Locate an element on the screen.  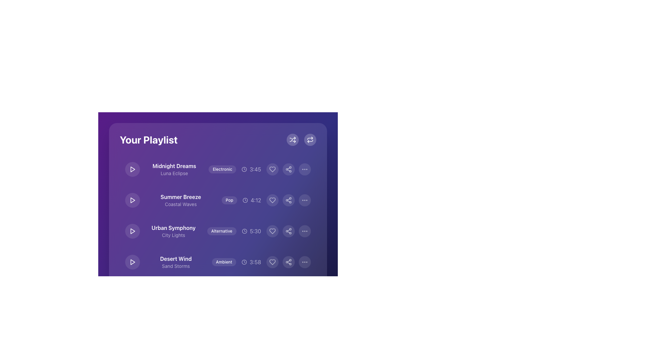
the share button located to the right of the 'Desert Wind' entry in the playlist is located at coordinates (289, 261).